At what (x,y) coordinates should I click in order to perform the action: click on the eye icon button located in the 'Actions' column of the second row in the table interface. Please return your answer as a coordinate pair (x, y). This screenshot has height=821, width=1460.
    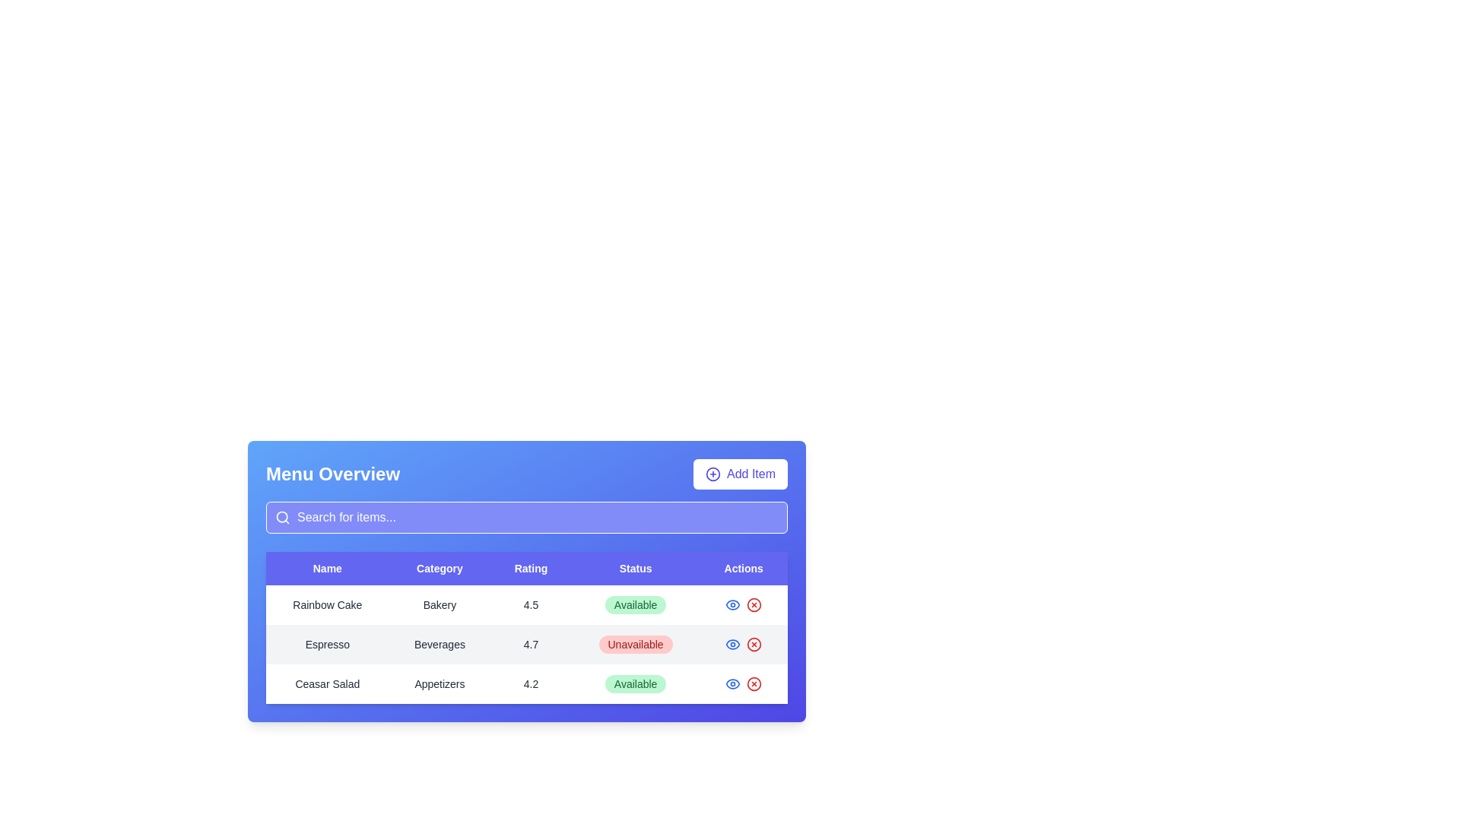
    Looking at the image, I should click on (733, 604).